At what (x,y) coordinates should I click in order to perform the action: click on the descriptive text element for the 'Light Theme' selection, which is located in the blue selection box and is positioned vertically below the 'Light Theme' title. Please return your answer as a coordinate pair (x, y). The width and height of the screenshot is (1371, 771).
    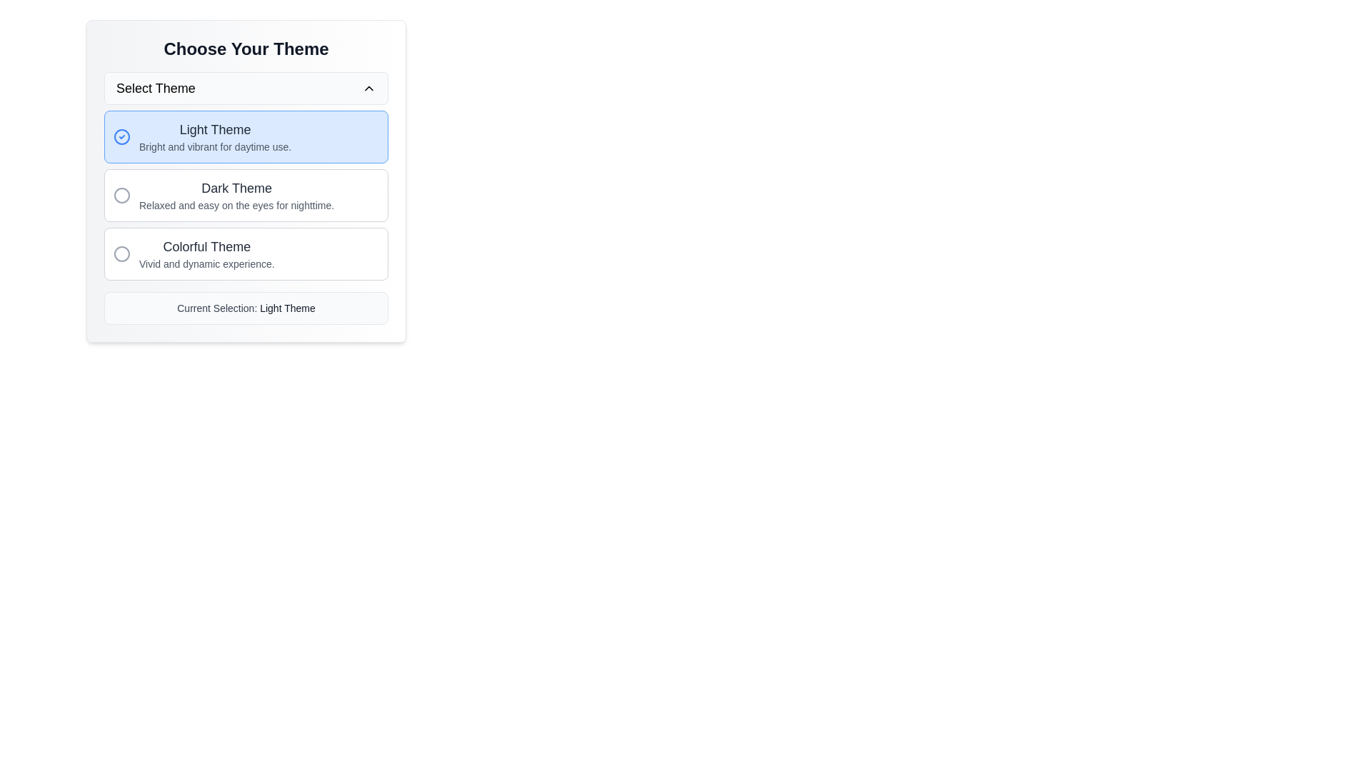
    Looking at the image, I should click on (214, 146).